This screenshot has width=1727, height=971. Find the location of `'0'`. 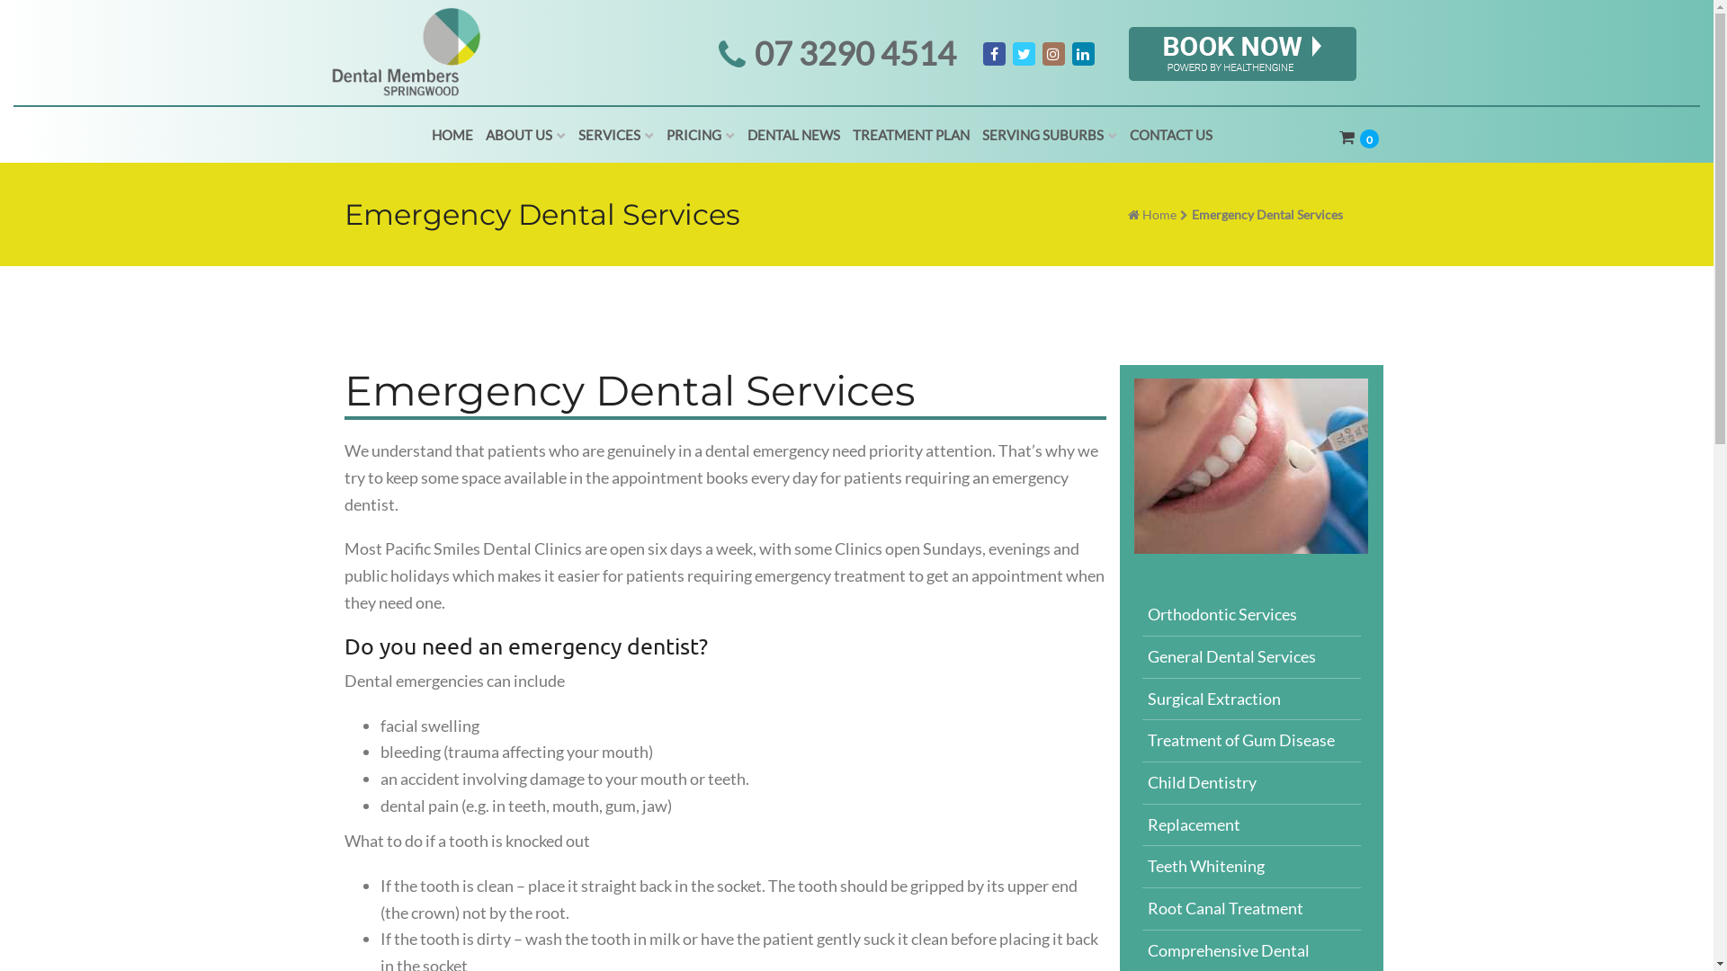

'0' is located at coordinates (1360, 138).